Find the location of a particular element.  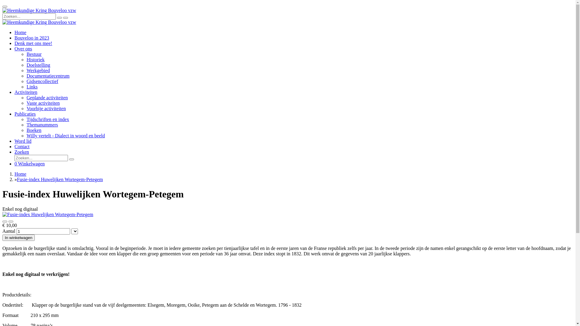

'Zoeken' is located at coordinates (14, 152).